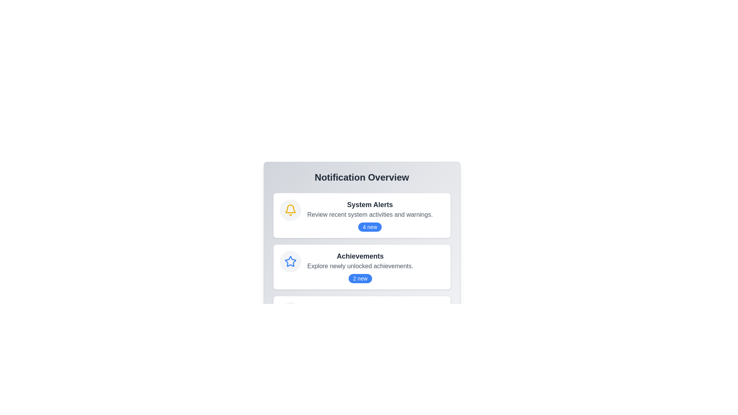 This screenshot has height=415, width=738. I want to click on the '2 new' badge of the second Informational card in the Notification Overview, which summarizes newly unlocked achievements, so click(361, 266).